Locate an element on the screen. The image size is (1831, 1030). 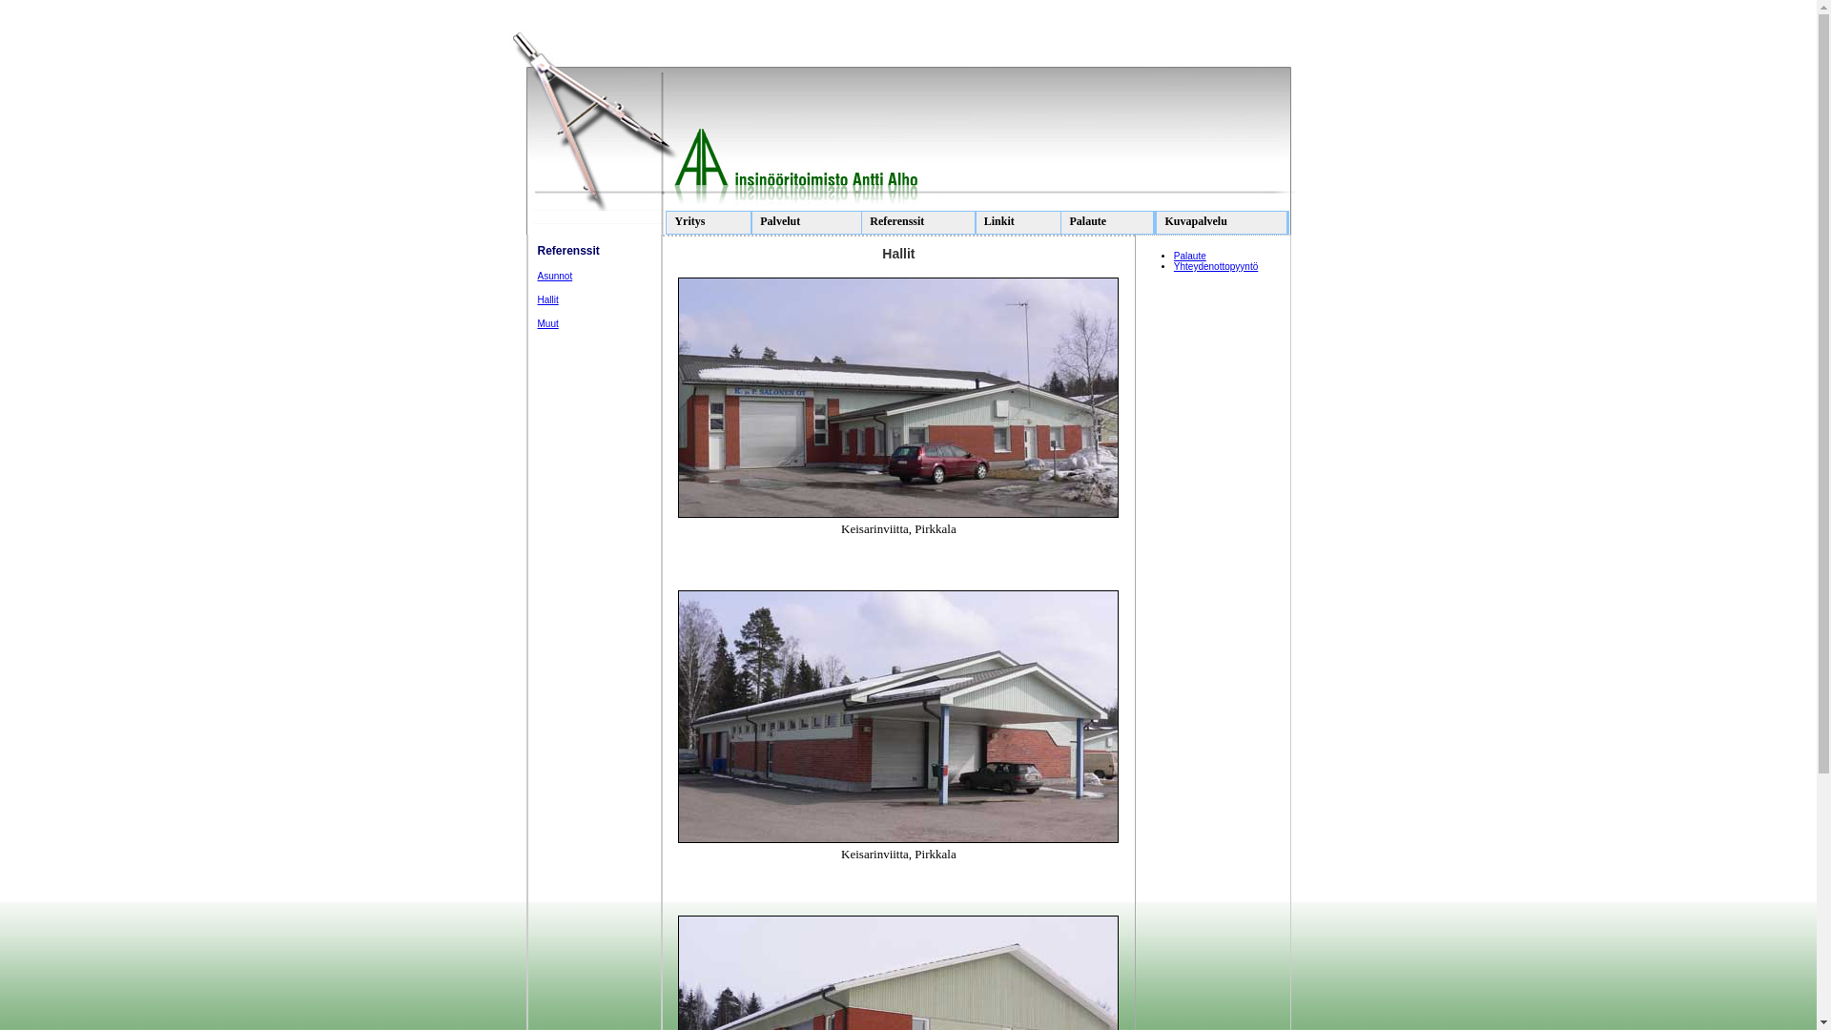
'Muut' is located at coordinates (547, 322).